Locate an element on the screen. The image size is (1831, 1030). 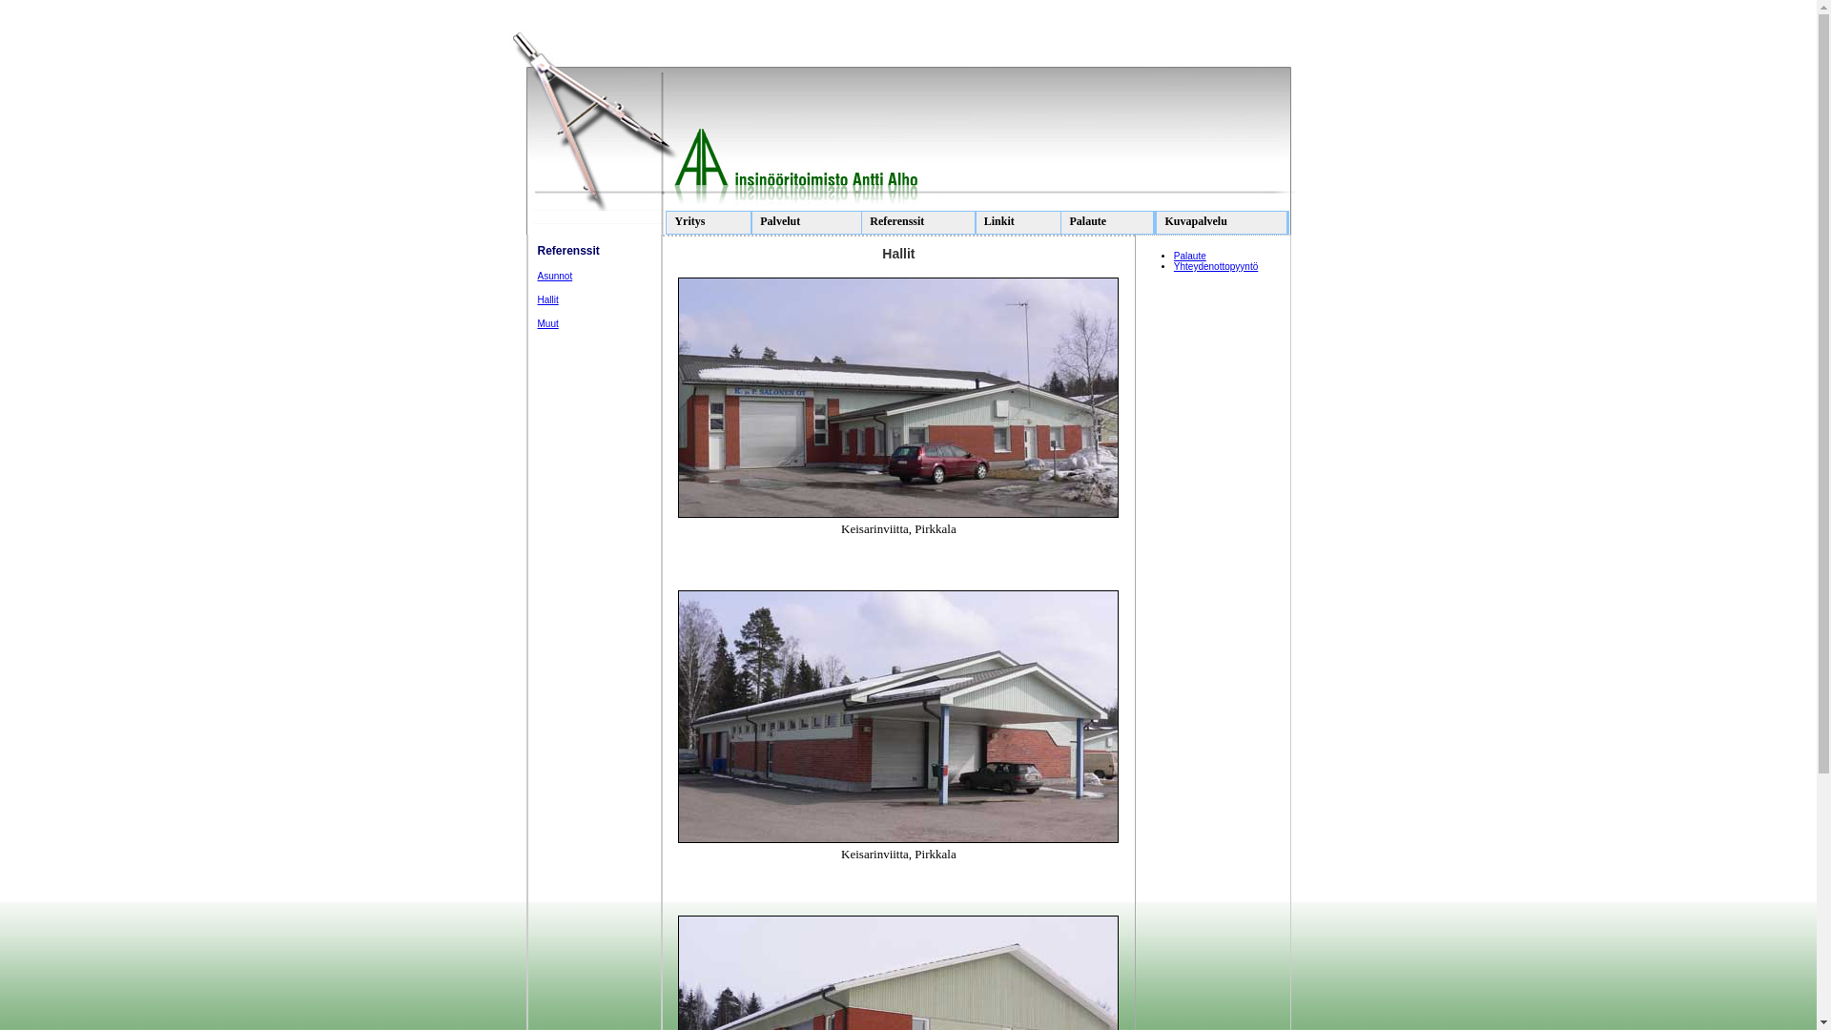
'Muut' is located at coordinates (547, 322).